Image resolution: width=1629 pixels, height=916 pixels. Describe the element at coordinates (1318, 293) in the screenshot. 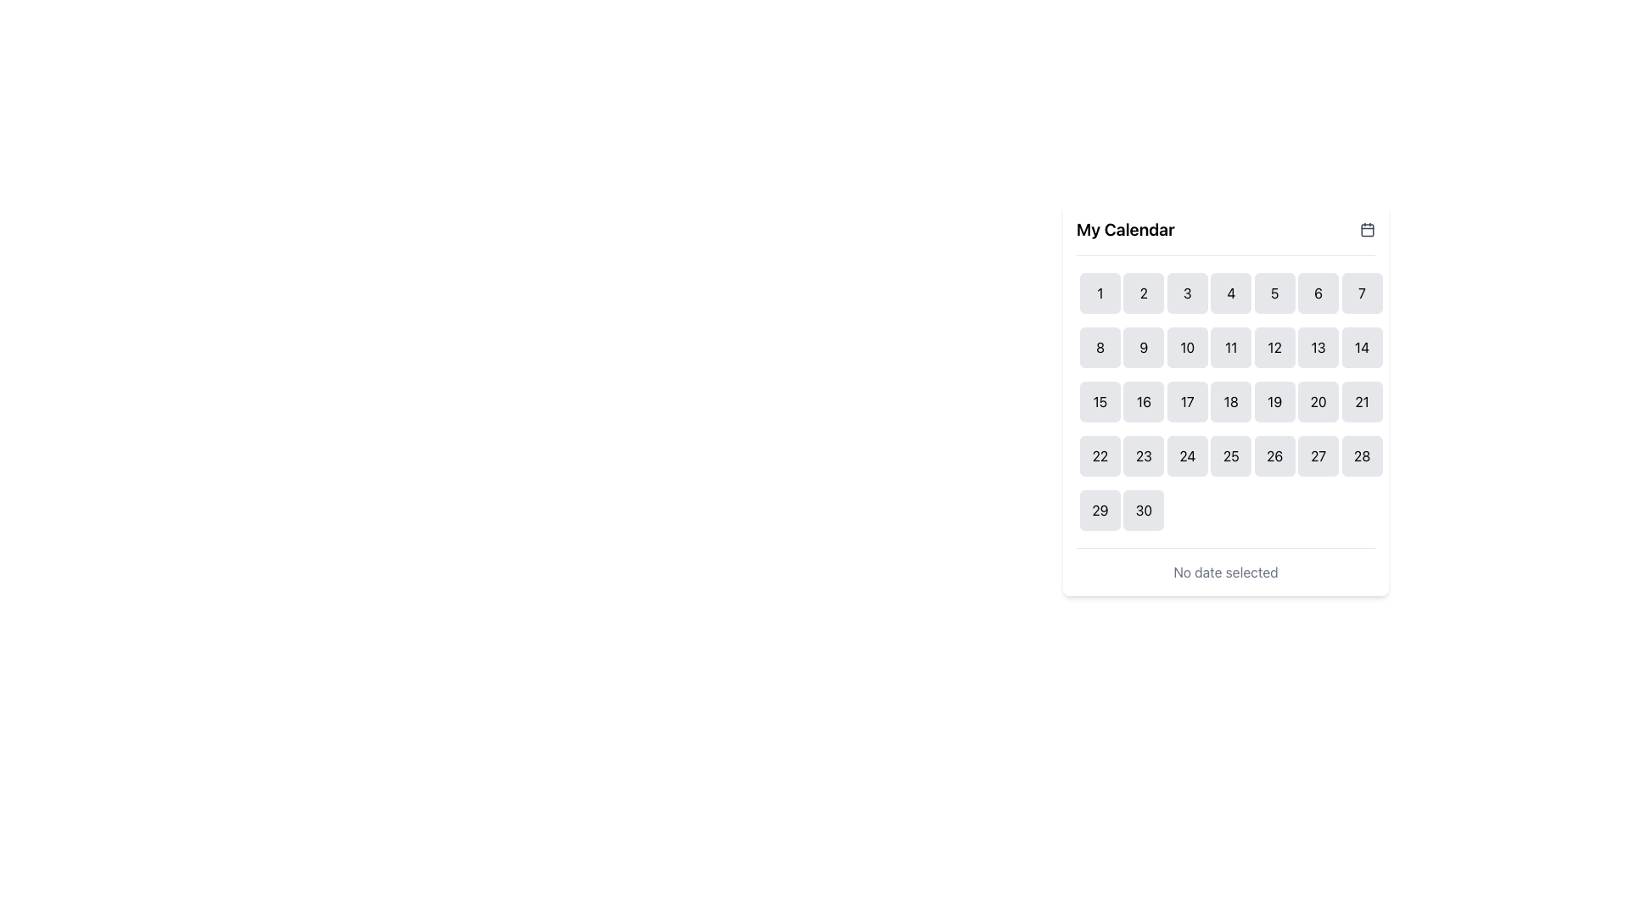

I see `the button used for selecting the date '6' from the calendar displayed, located in the first row of the calendar grid as the 6th entry from the left` at that location.